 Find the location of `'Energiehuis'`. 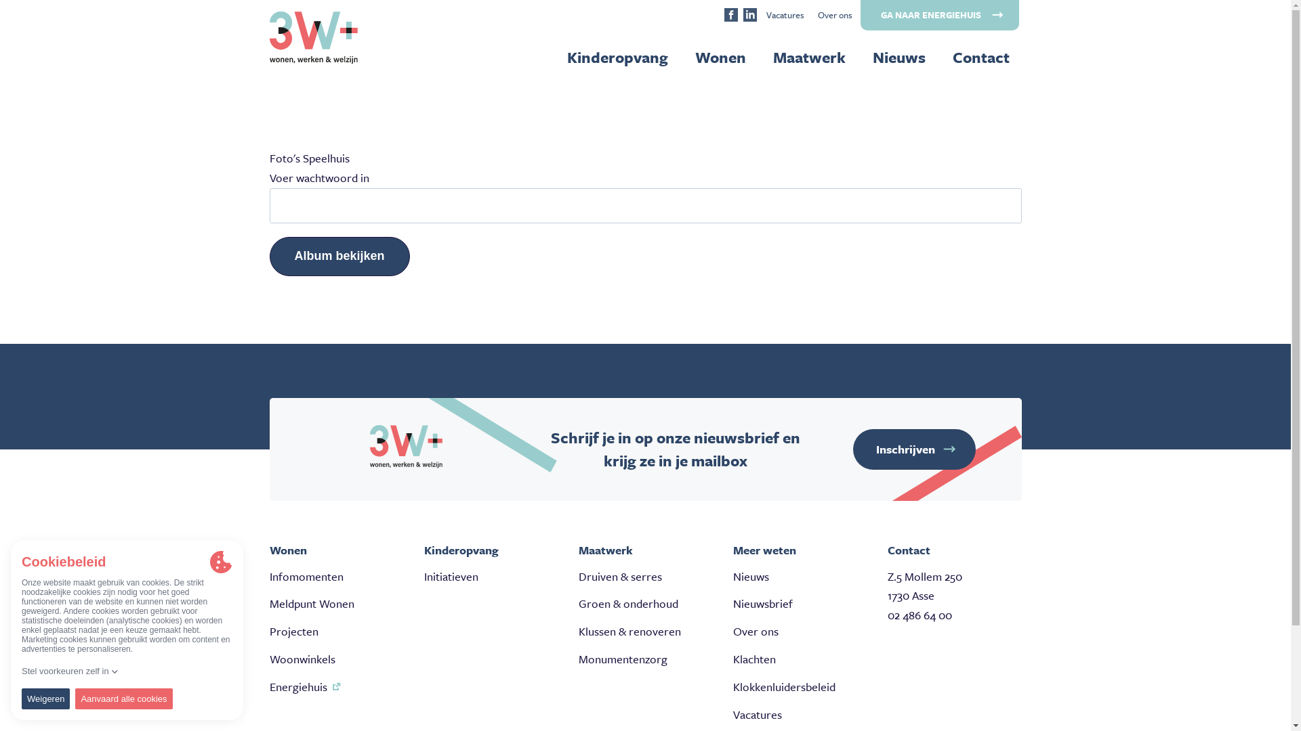

'Energiehuis' is located at coordinates (270, 686).